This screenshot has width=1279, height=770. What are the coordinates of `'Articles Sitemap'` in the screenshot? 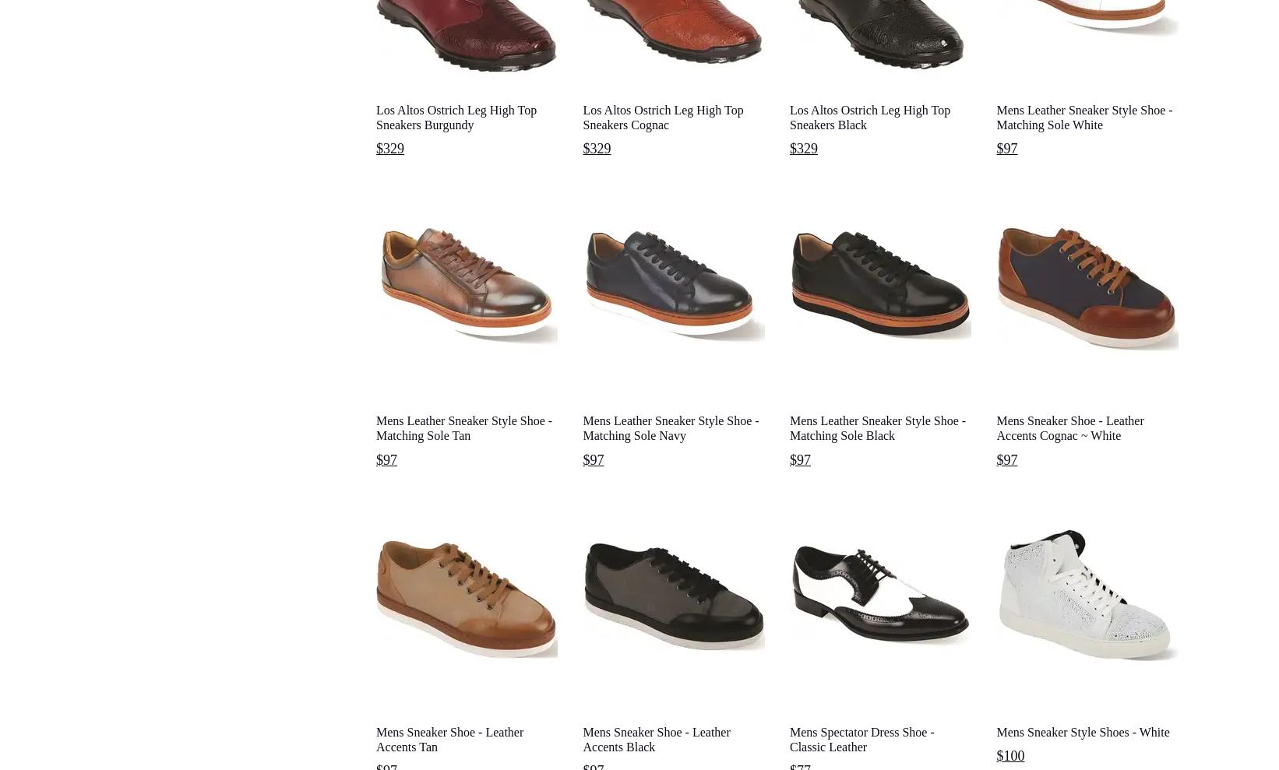 It's located at (404, 414).